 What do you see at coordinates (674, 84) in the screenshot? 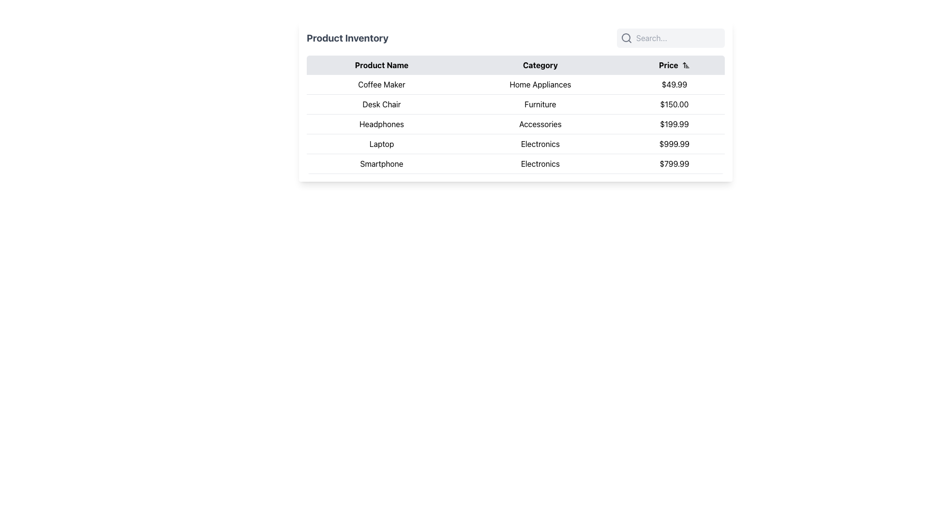
I see `the text display showing the price value '$49.99' in the last column of the table labeled 'Price'` at bounding box center [674, 84].